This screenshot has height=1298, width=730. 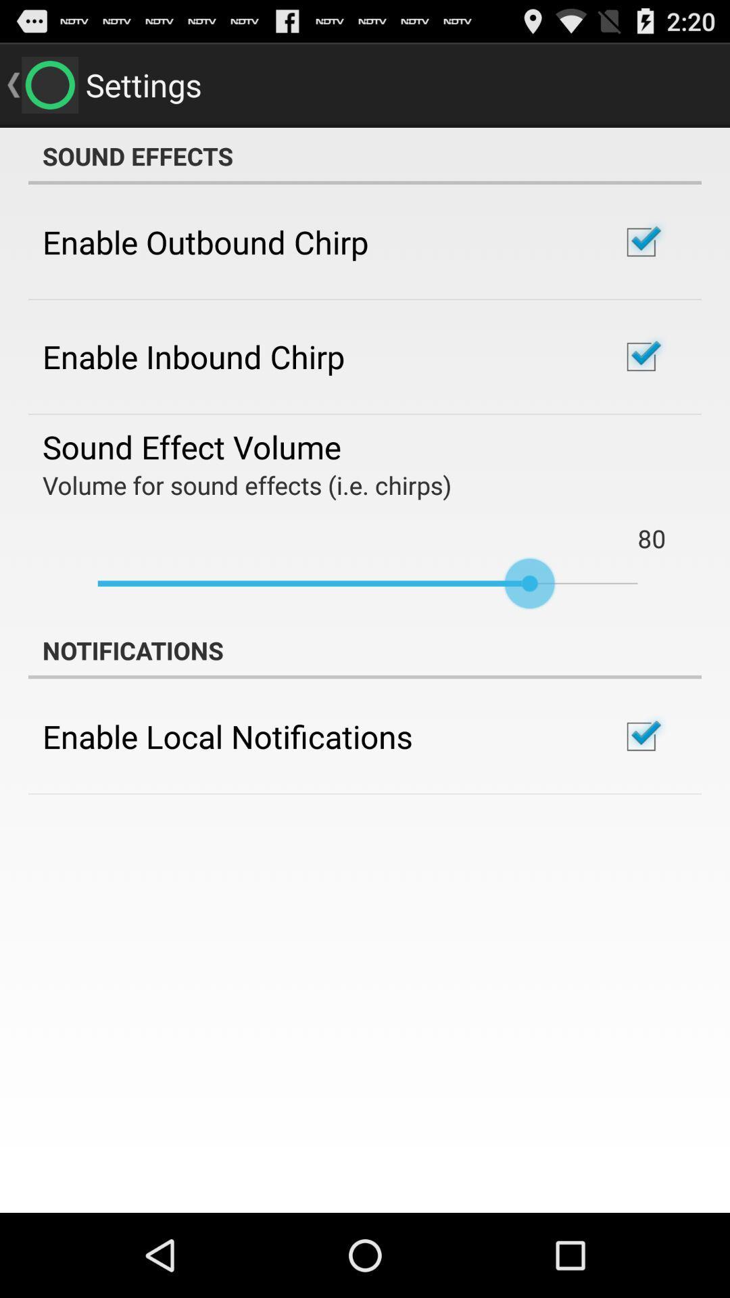 What do you see at coordinates (368, 583) in the screenshot?
I see `app below 80` at bounding box center [368, 583].